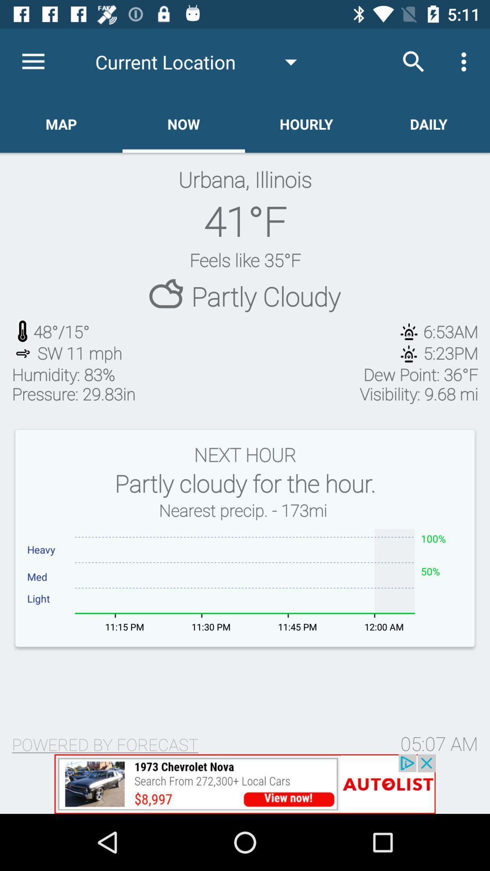  What do you see at coordinates (245, 783) in the screenshot?
I see `opens up advertisement` at bounding box center [245, 783].